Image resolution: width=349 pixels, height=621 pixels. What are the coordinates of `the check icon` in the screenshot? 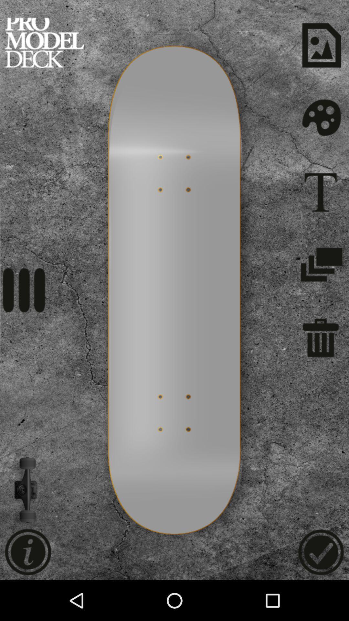 It's located at (321, 591).